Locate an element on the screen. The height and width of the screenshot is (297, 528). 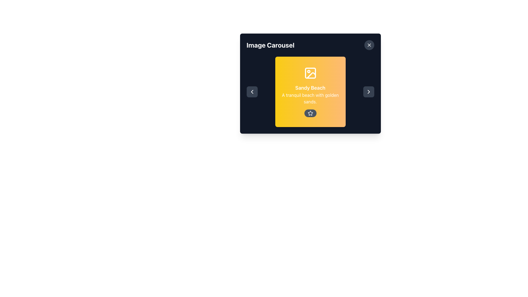
the left-pointing chevron button with a dark-grey background is located at coordinates (252, 92).